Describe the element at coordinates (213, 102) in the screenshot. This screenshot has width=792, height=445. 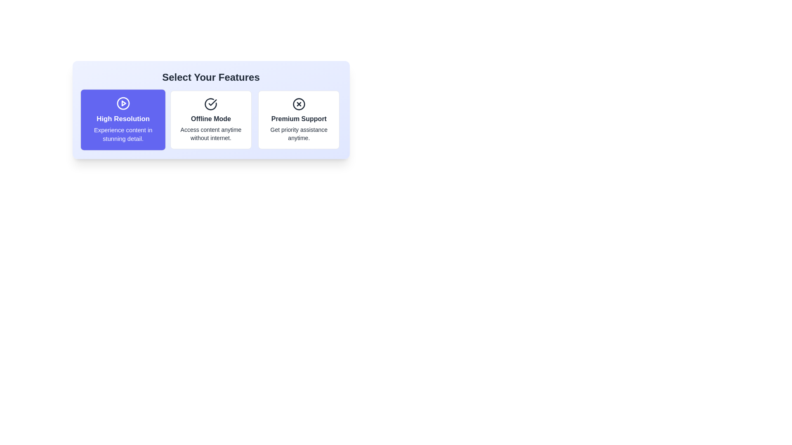
I see `the 'offline mode' icon located within the 'Offline Mode' card, which is the second card in a horizontal row of feature cards` at that location.